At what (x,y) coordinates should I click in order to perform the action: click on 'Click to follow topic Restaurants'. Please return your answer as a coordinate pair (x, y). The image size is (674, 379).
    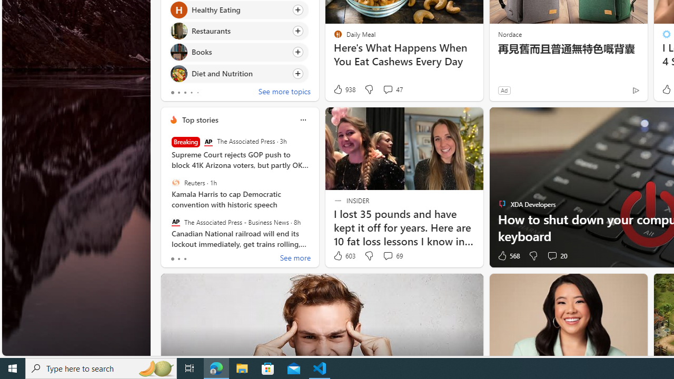
    Looking at the image, I should click on (238, 31).